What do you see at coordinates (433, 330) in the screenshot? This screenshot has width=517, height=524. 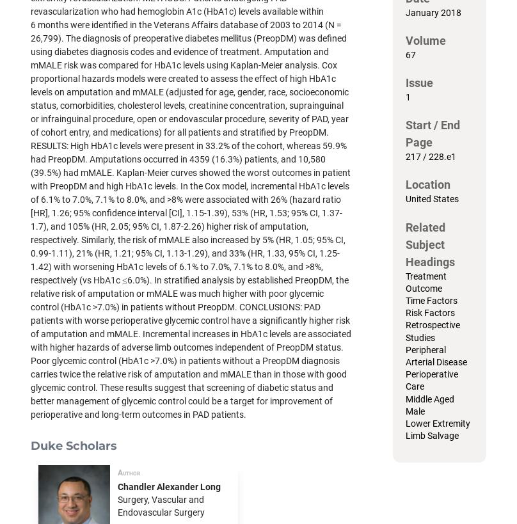 I see `'Retrospective Studies'` at bounding box center [433, 330].